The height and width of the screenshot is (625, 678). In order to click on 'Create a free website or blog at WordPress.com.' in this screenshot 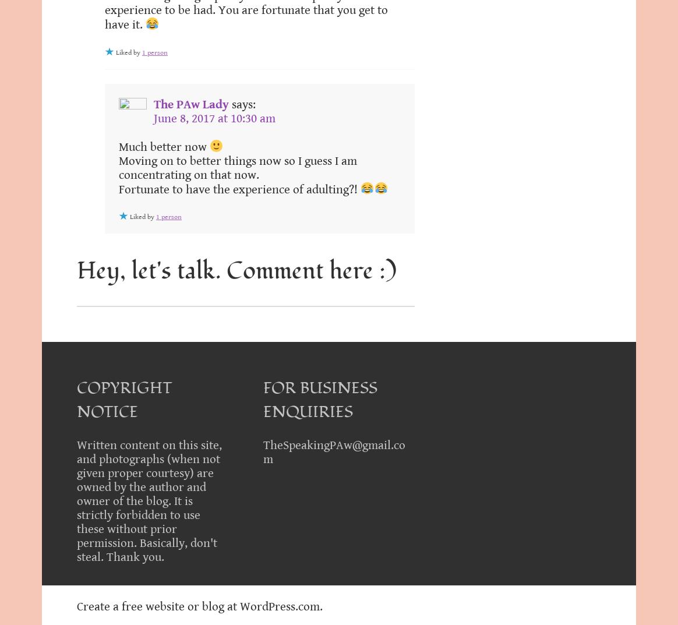, I will do `click(199, 606)`.